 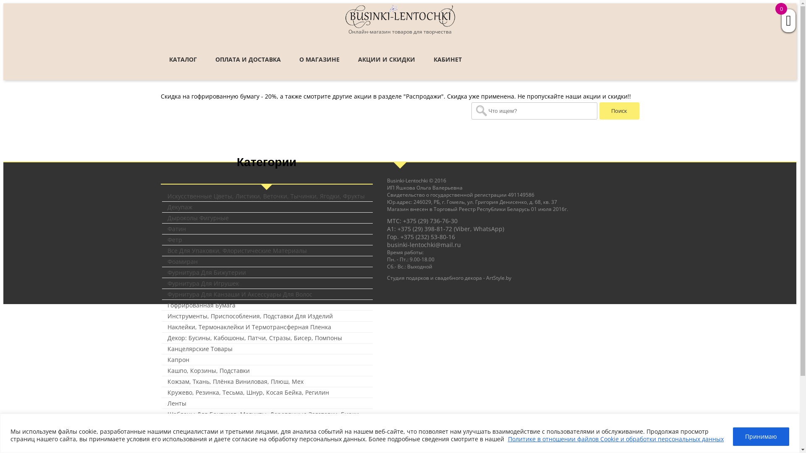 What do you see at coordinates (430, 220) in the screenshot?
I see `'+375 (29) 736-76-30'` at bounding box center [430, 220].